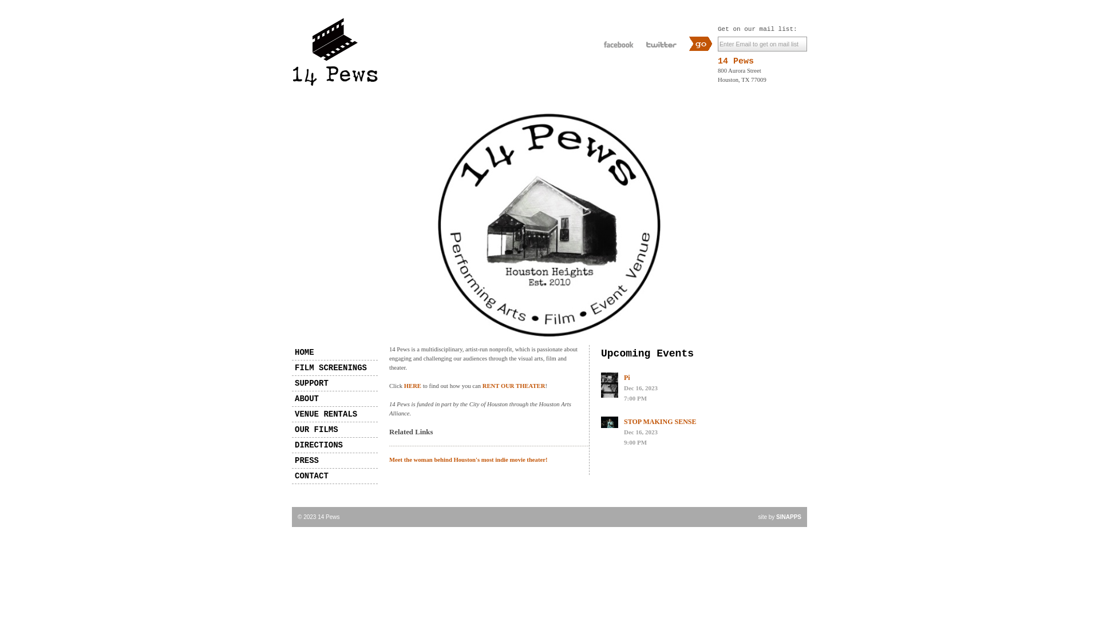 This screenshot has width=1099, height=618. Describe the element at coordinates (412, 386) in the screenshot. I see `'HERE'` at that location.